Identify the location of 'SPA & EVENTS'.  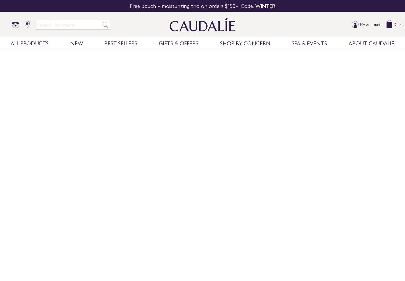
(292, 43).